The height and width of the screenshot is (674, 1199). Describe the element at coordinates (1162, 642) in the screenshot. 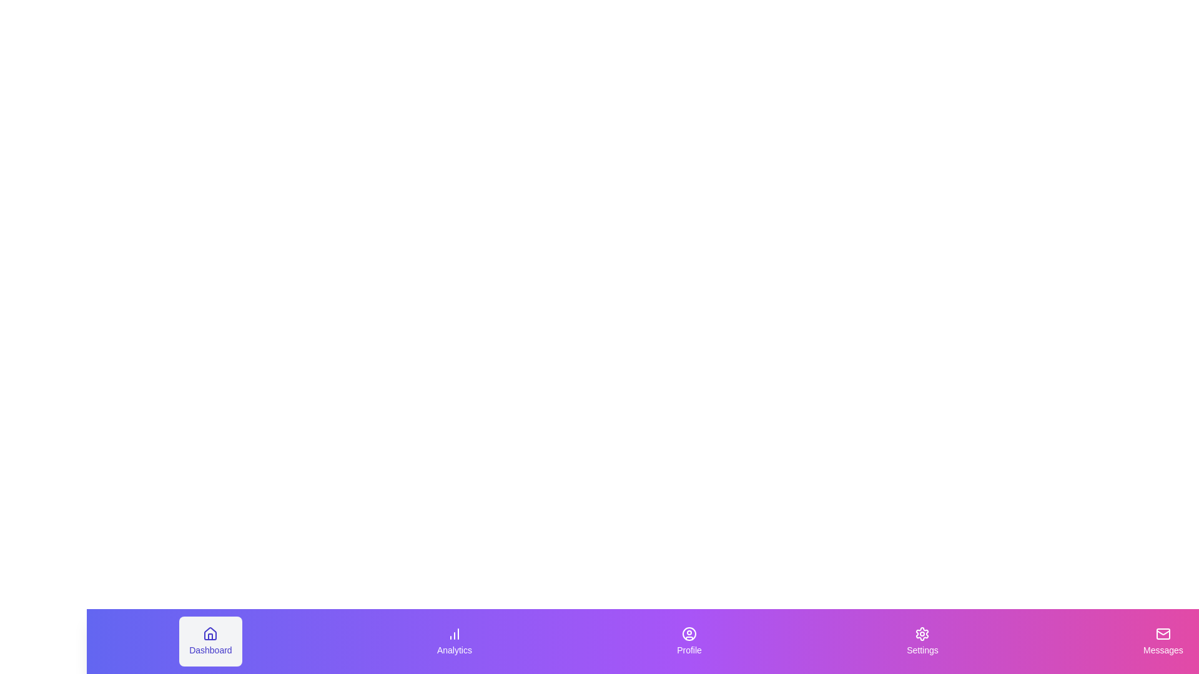

I see `the Messages tab to activate it` at that location.